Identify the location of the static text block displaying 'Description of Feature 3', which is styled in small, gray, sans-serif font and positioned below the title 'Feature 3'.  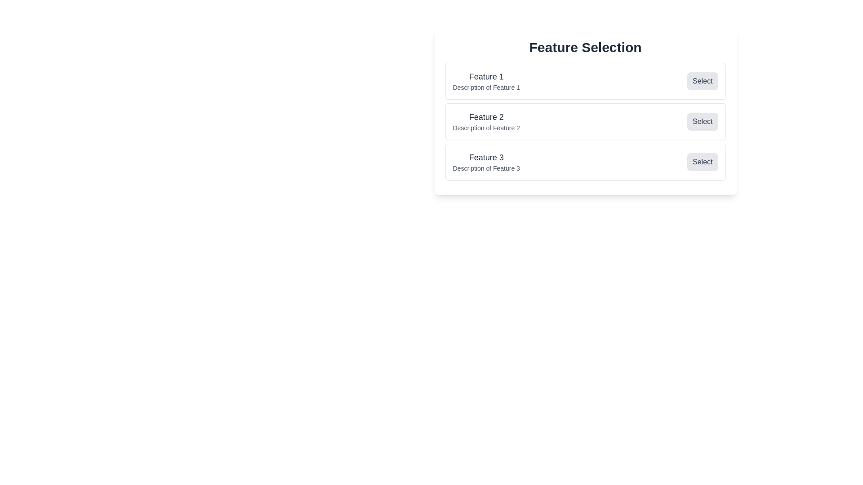
(486, 168).